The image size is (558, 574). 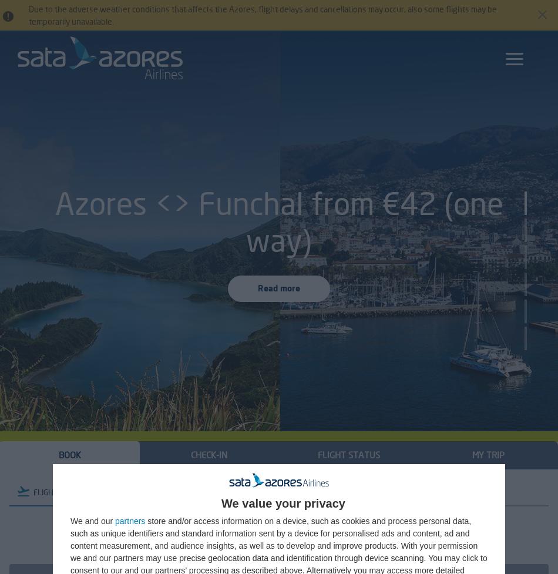 What do you see at coordinates (150, 491) in the screenshot?
I see `'CAR'` at bounding box center [150, 491].